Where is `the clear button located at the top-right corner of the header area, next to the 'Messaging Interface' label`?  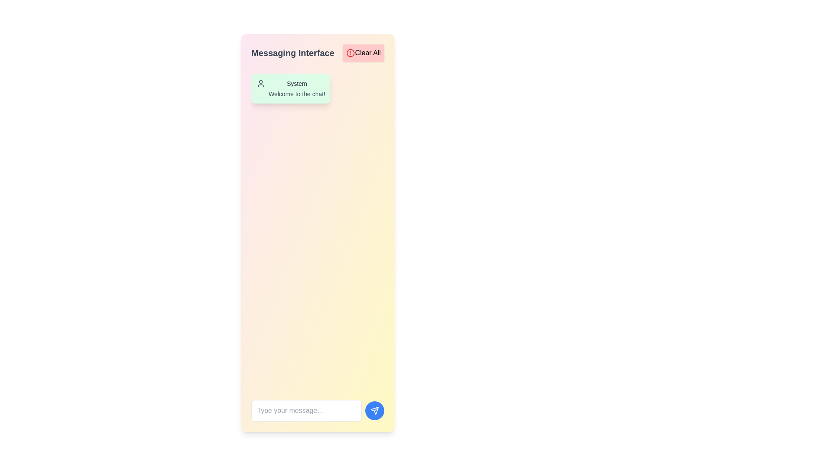 the clear button located at the top-right corner of the header area, next to the 'Messaging Interface' label is located at coordinates (364, 53).